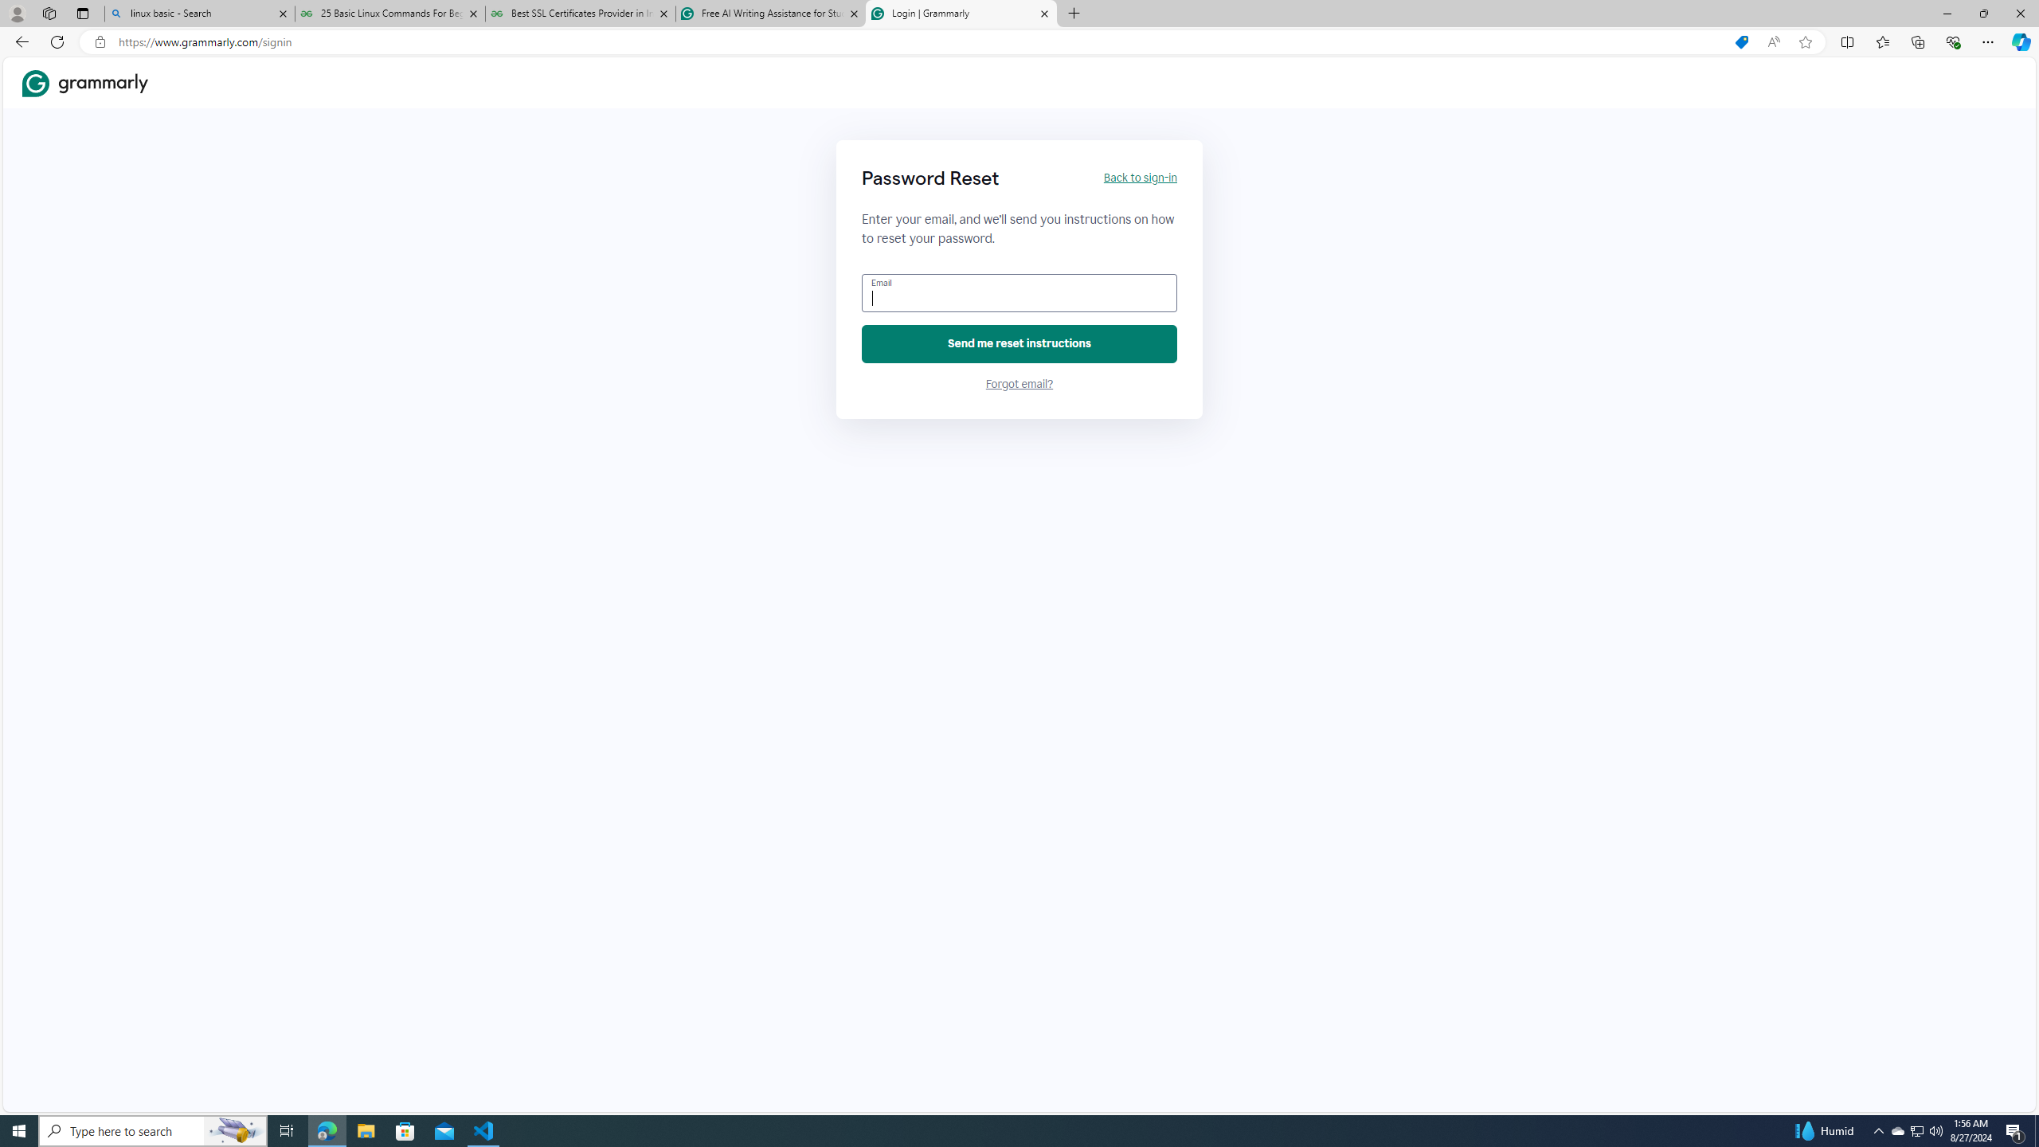 This screenshot has width=2039, height=1147. I want to click on 'Forgot email?', so click(1019, 384).